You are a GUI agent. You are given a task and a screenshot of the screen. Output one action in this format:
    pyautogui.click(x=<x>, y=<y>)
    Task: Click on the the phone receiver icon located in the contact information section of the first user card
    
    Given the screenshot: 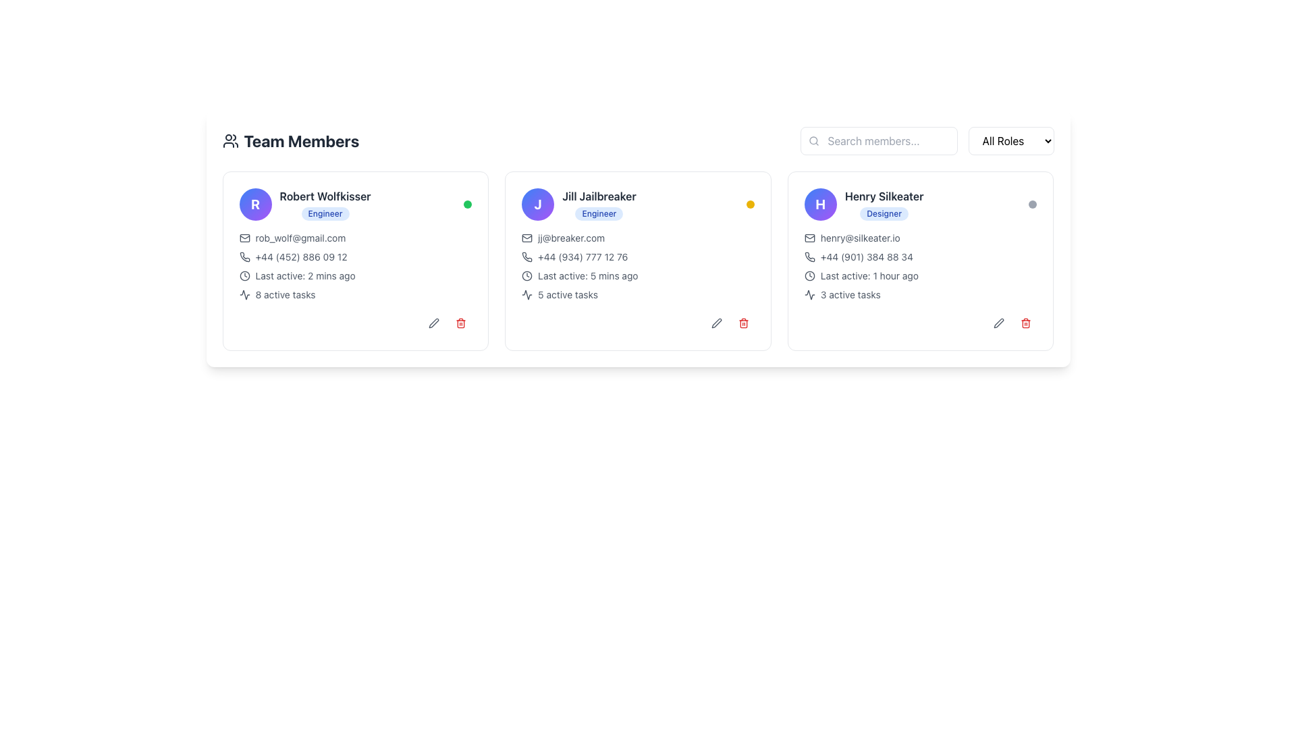 What is the action you would take?
    pyautogui.click(x=244, y=257)
    